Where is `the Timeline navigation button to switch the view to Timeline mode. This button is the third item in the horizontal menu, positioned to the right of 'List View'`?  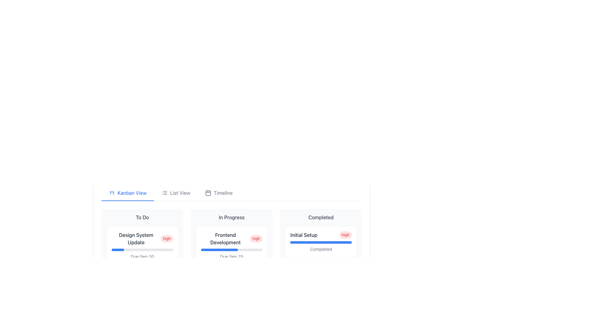 the Timeline navigation button to switch the view to Timeline mode. This button is the third item in the horizontal menu, positioned to the right of 'List View' is located at coordinates (219, 193).